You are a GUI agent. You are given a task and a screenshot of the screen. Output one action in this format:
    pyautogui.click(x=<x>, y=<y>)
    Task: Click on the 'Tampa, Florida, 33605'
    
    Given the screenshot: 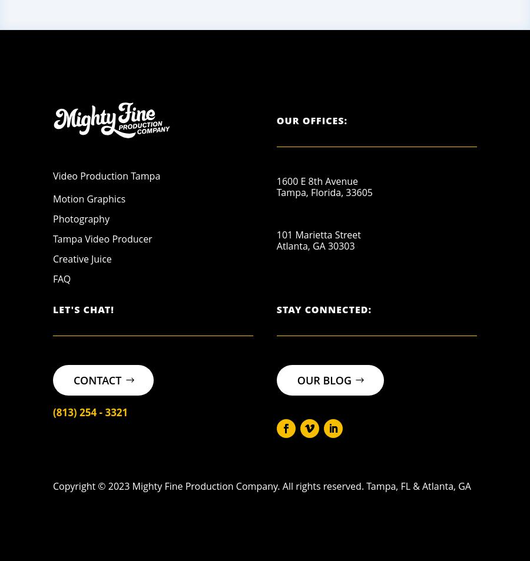 What is the action you would take?
    pyautogui.click(x=275, y=191)
    